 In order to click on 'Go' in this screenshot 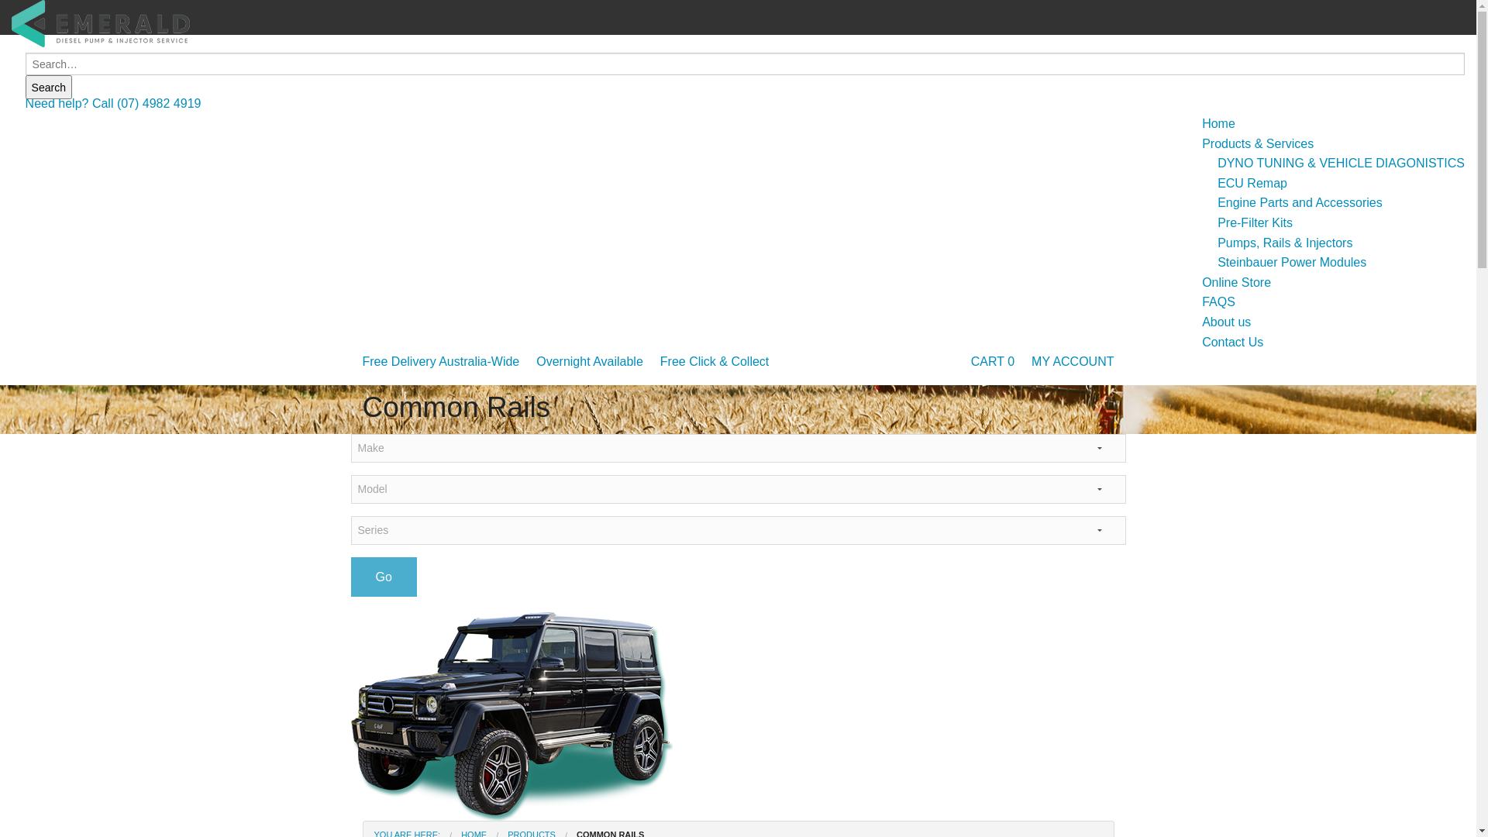, I will do `click(383, 577)`.